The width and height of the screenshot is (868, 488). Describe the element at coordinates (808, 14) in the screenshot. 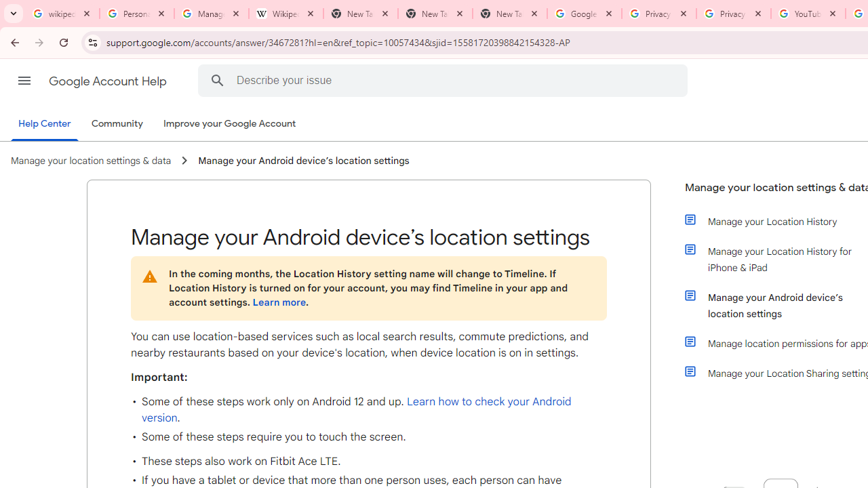

I see `'YouTube'` at that location.